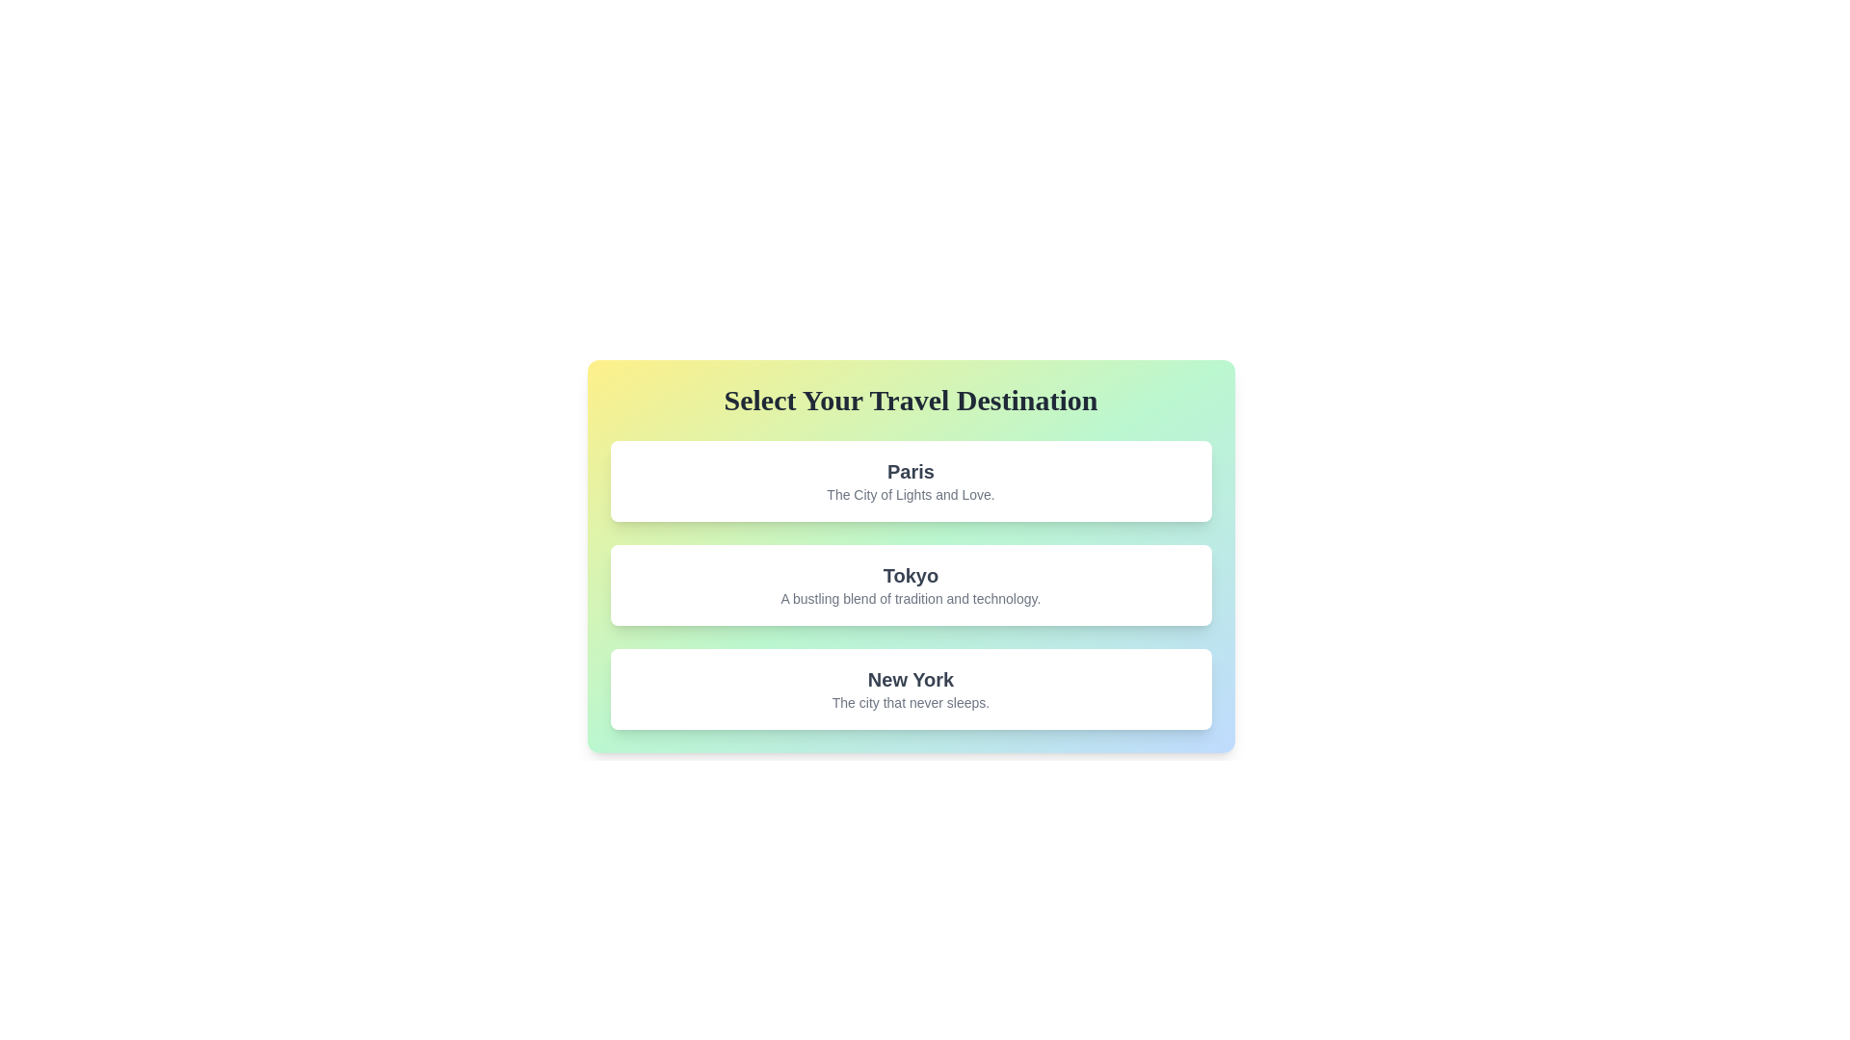 The height and width of the screenshot is (1040, 1850). I want to click on text from the static label displaying 'Paris' and its description 'The City of Lights and Love', which is located in the first card under the heading 'Select Your Travel Destination', so click(910, 481).